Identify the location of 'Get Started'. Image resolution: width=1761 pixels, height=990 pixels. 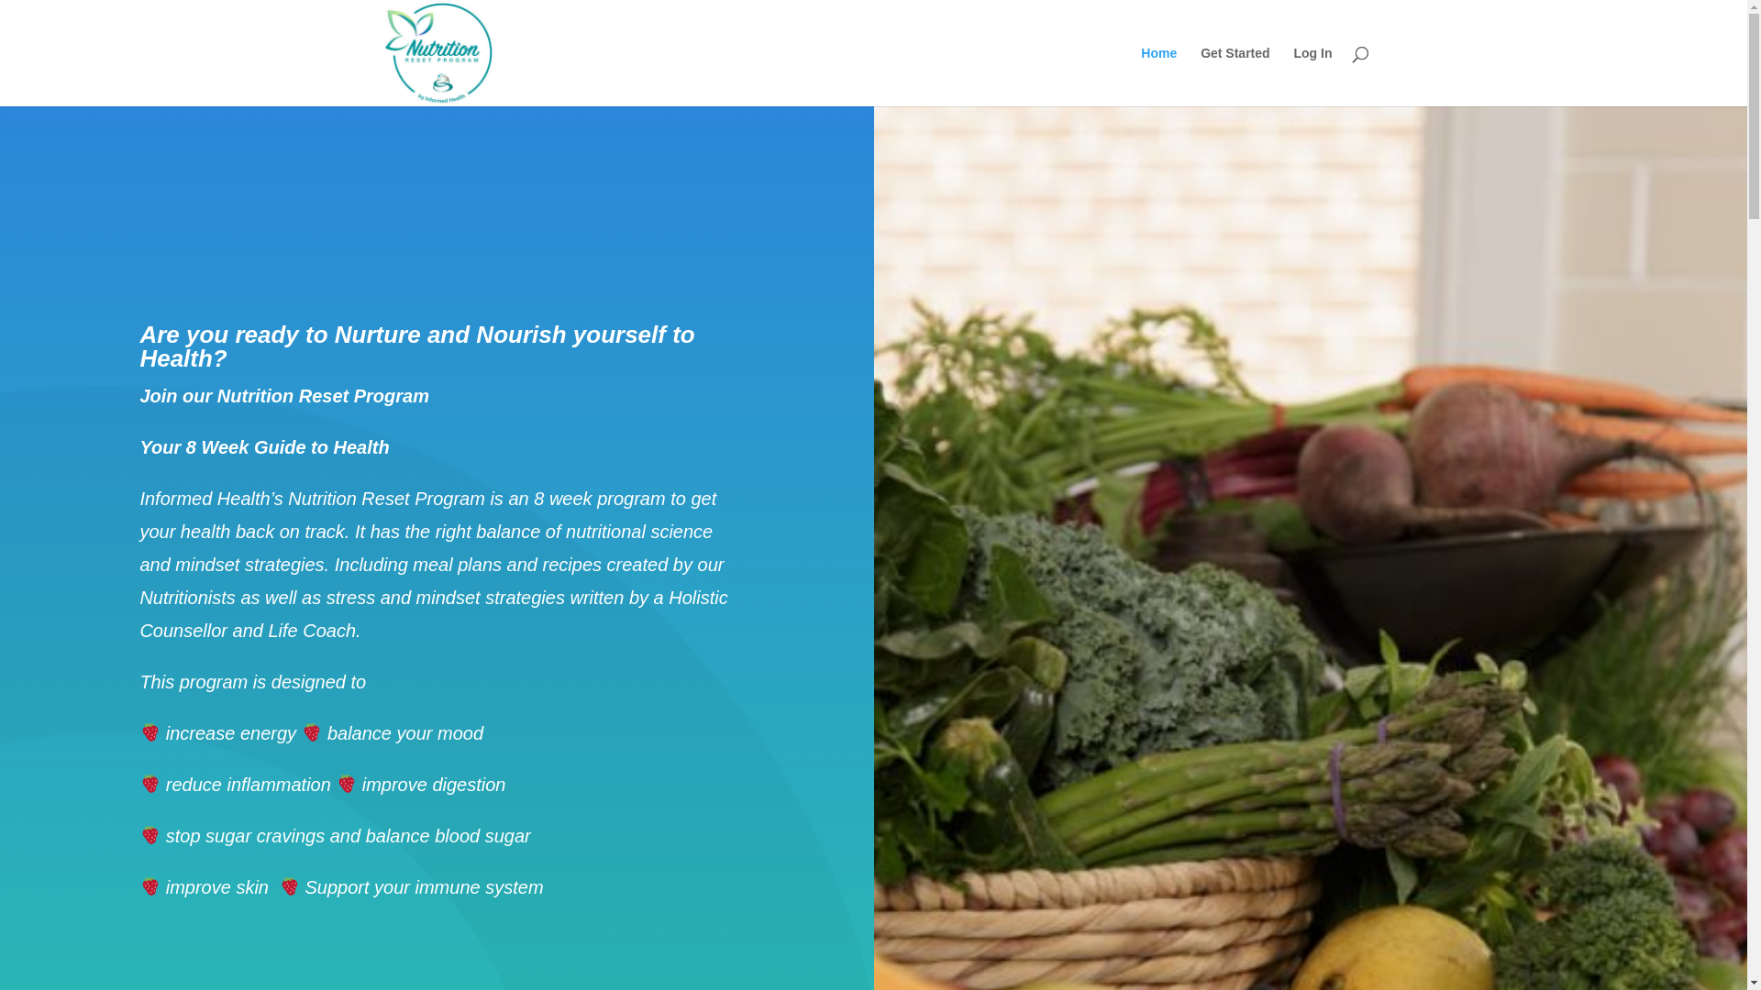
(1201, 75).